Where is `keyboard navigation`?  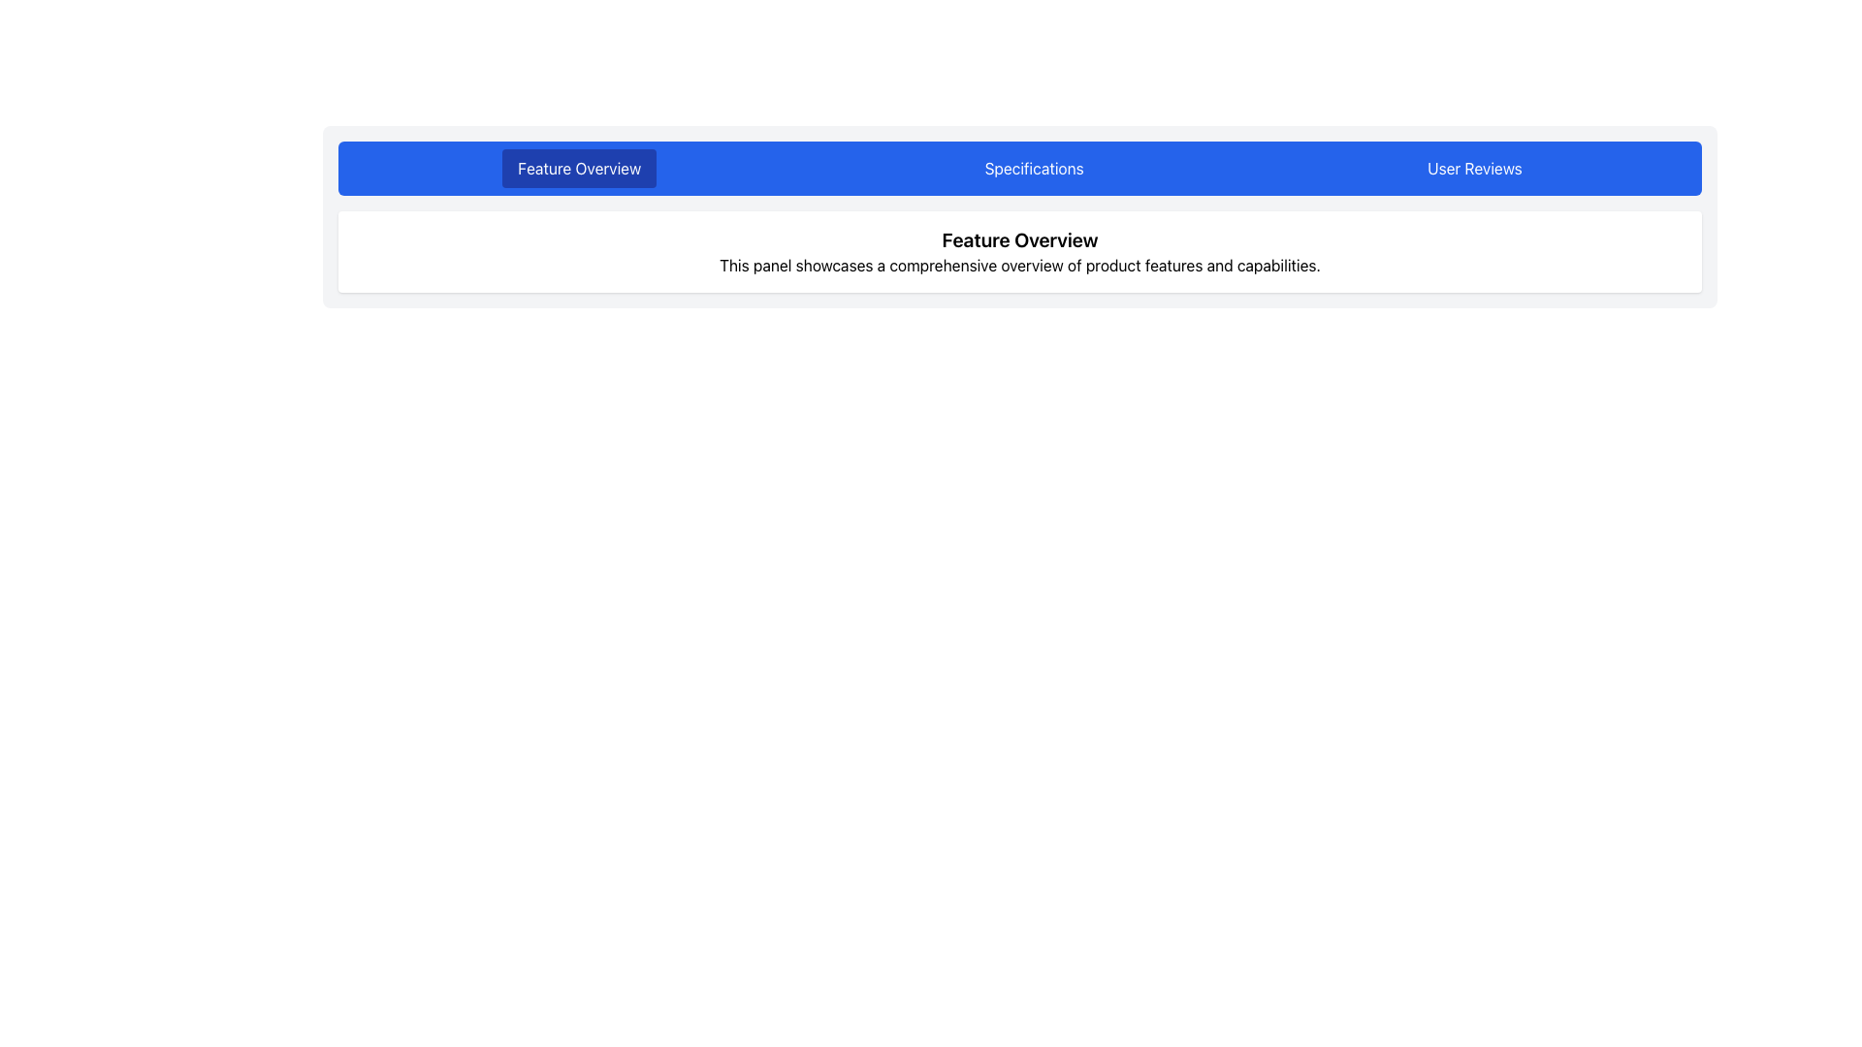
keyboard navigation is located at coordinates (1474, 167).